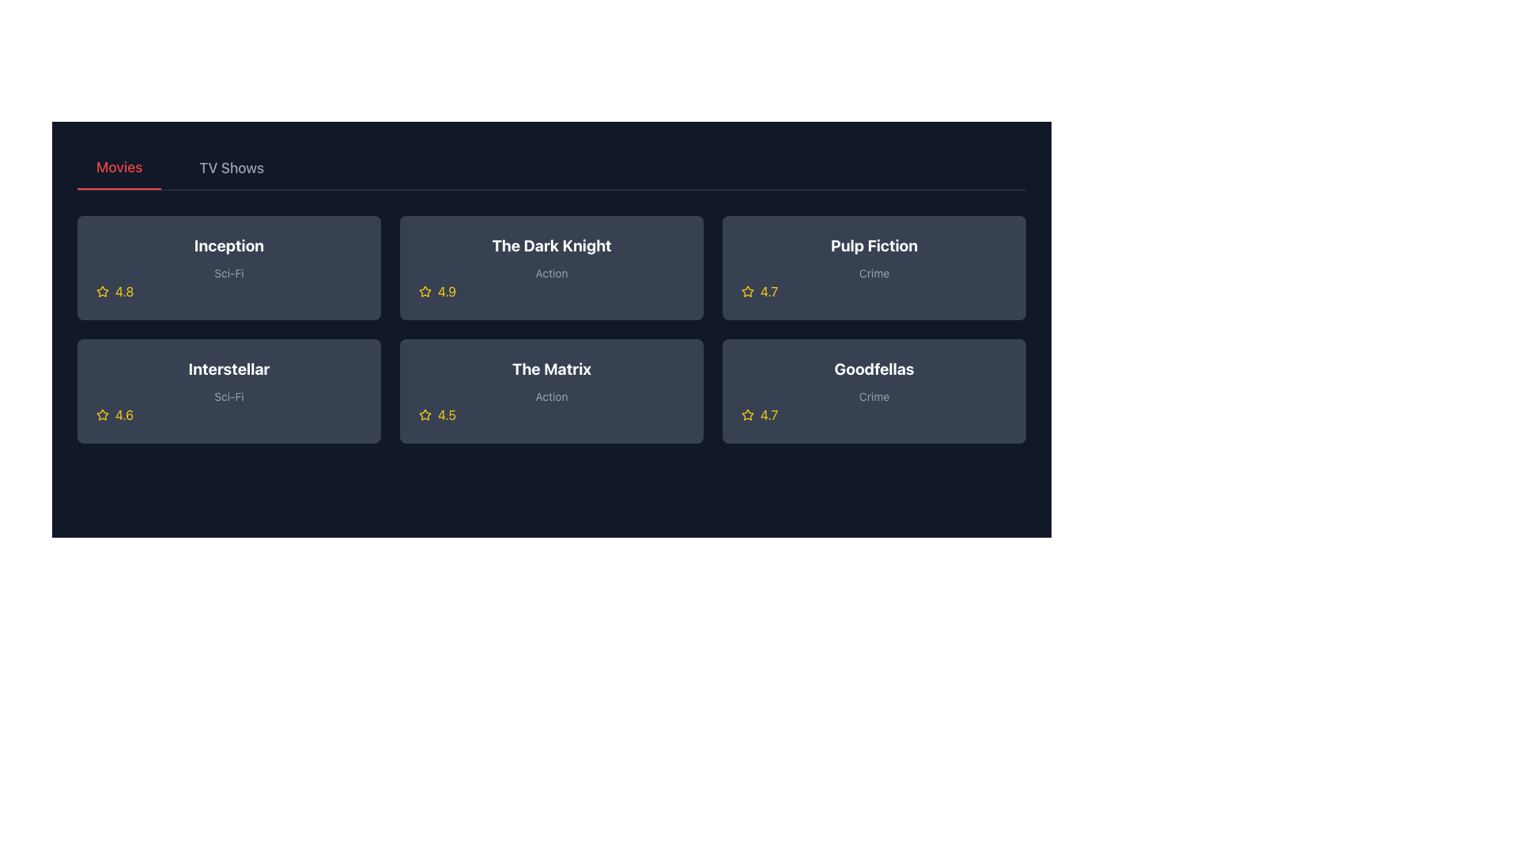  What do you see at coordinates (602, 267) in the screenshot?
I see `the button to add 'The Dark Knight' to a list, which is located in the top-right region of the card in the second column of the first row of the grid` at bounding box center [602, 267].